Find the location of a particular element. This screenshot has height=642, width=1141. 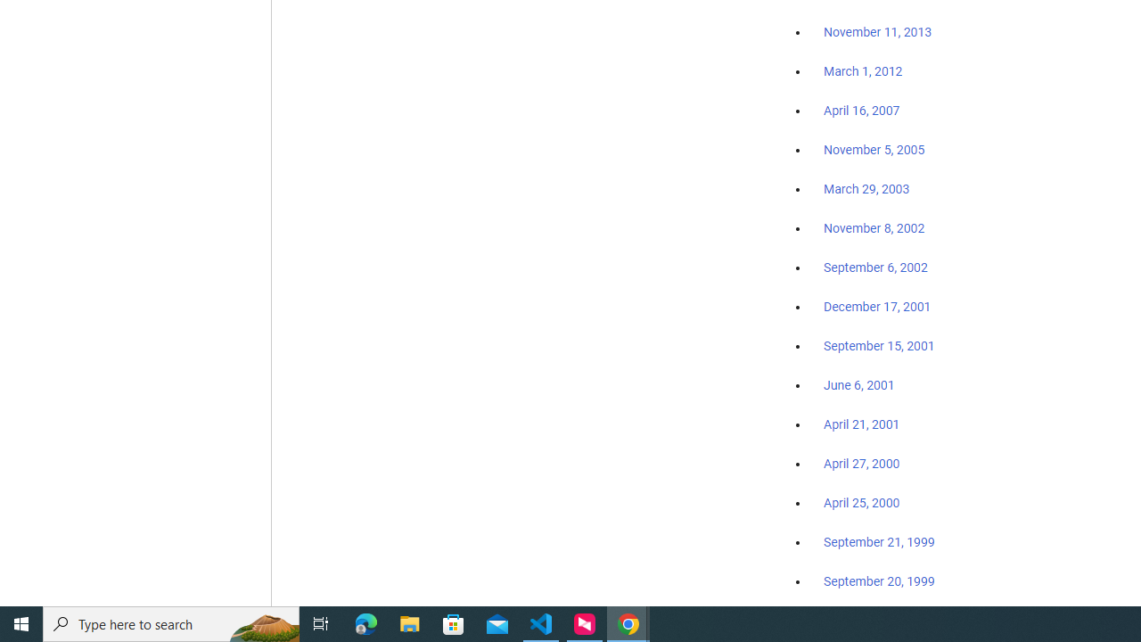

'September 20, 1999' is located at coordinates (879, 580).